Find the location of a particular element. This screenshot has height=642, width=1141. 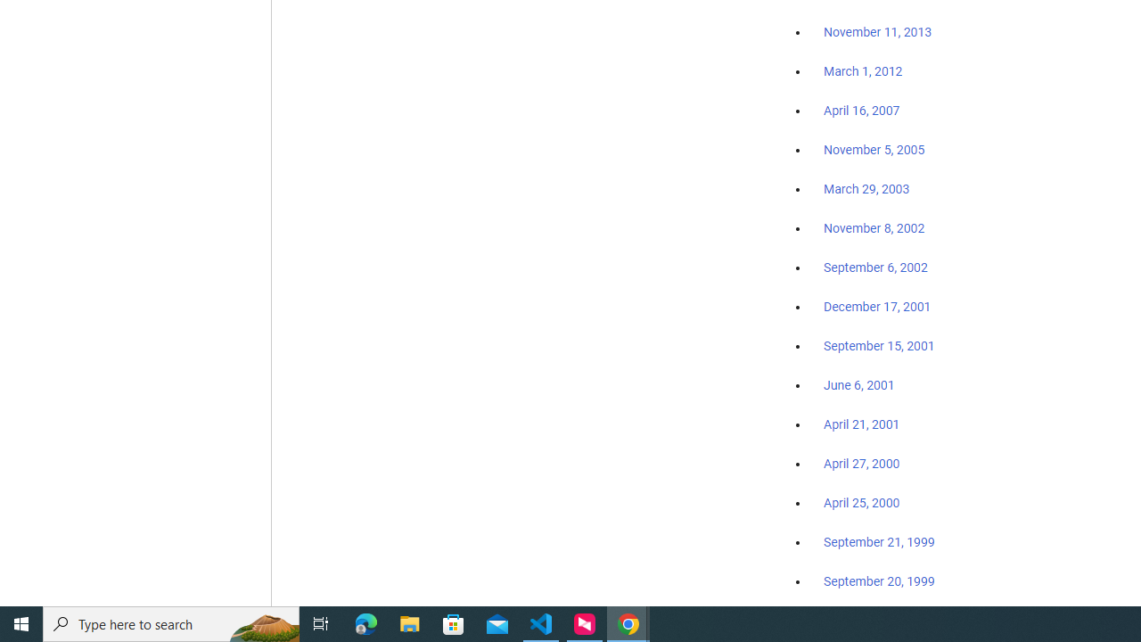

'September 20, 1999' is located at coordinates (879, 580).